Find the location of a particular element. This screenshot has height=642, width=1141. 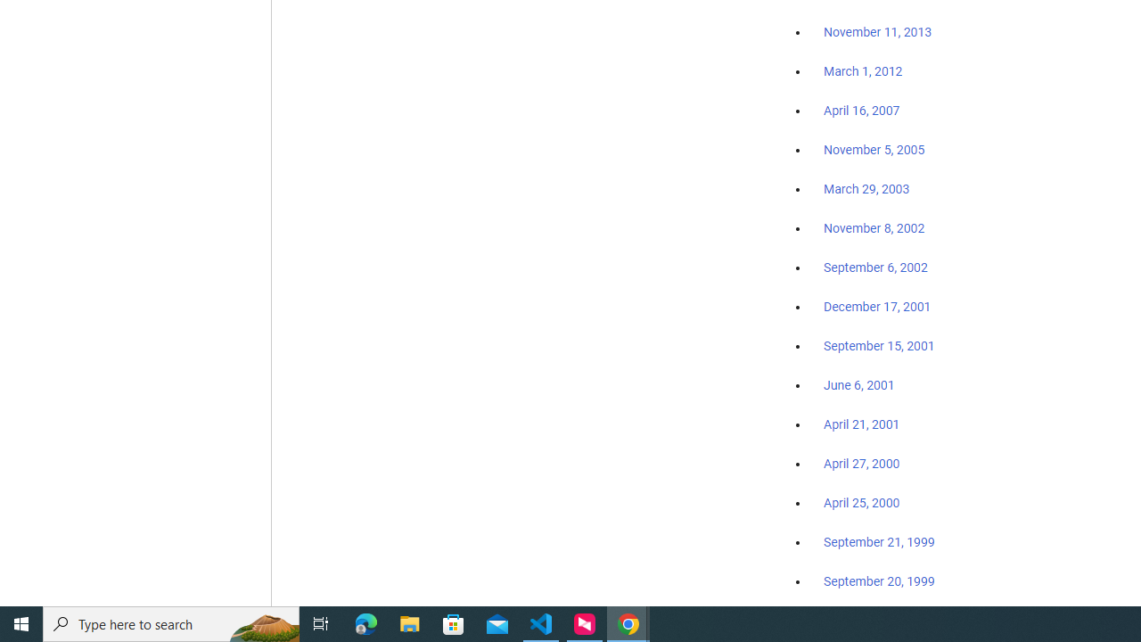

'September 20, 1999' is located at coordinates (879, 580).